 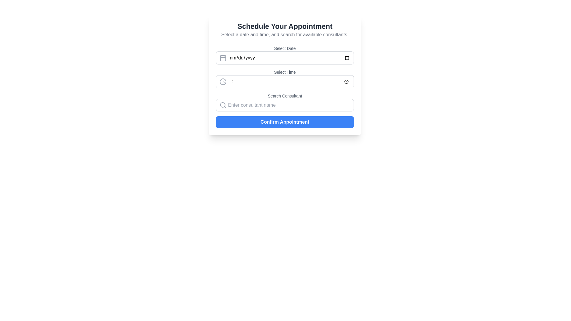 I want to click on the label that provides context for the time picker input field, which is positioned above the time input field in the form, immediately below the 'Select Date' field, so click(x=285, y=72).